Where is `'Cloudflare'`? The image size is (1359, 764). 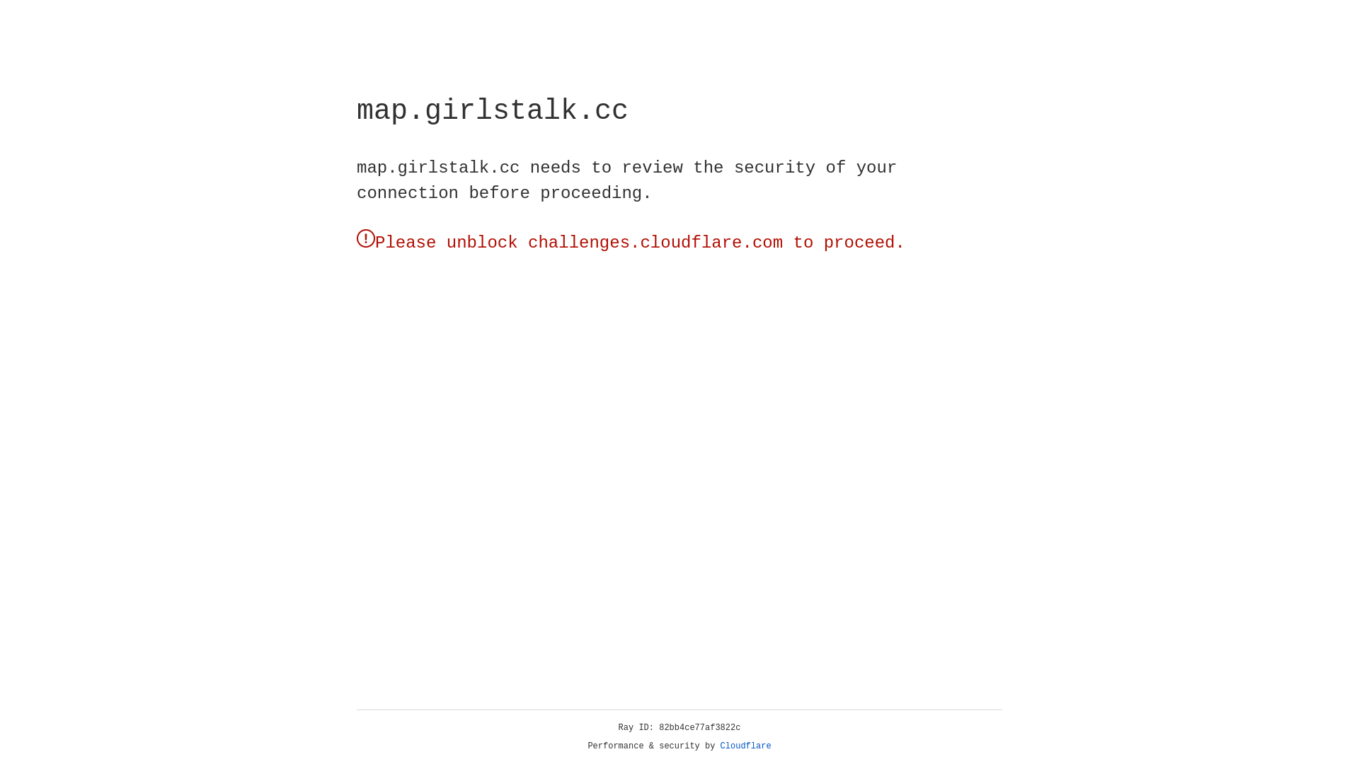
'Cloudflare' is located at coordinates (745, 746).